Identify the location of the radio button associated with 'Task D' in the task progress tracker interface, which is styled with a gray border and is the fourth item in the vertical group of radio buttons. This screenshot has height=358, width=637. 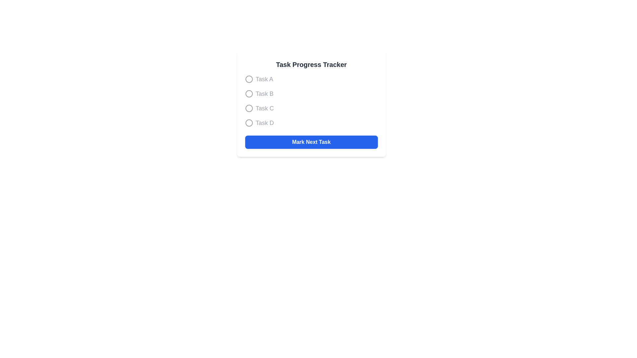
(248, 123).